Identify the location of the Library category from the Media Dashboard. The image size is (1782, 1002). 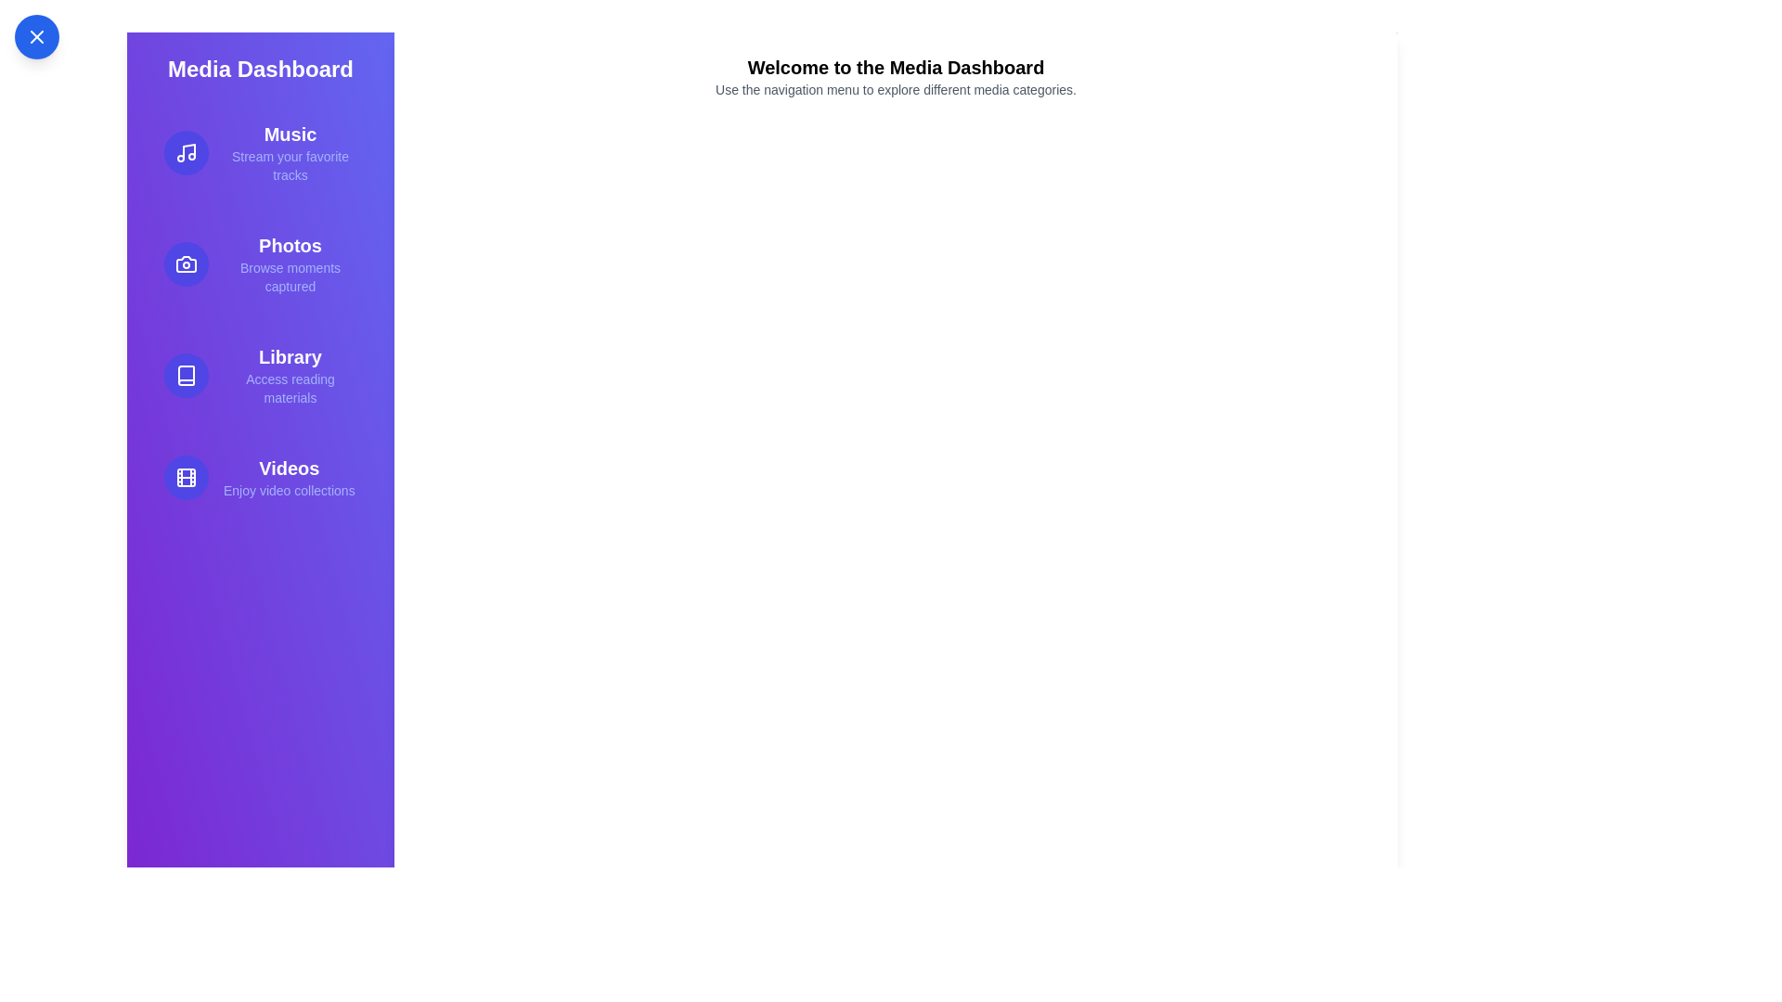
(260, 376).